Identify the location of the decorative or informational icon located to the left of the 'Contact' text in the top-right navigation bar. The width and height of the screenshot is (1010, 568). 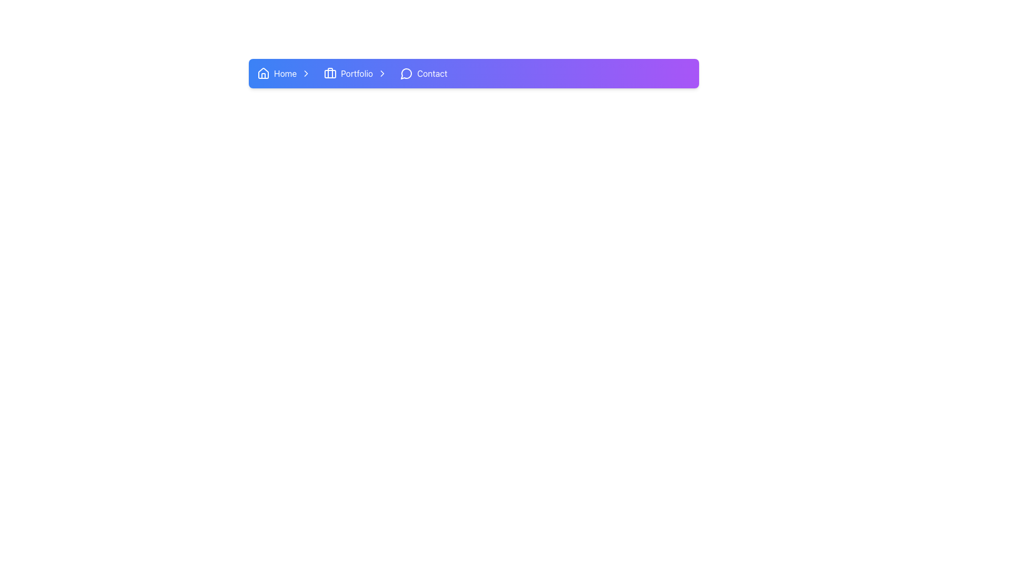
(406, 73).